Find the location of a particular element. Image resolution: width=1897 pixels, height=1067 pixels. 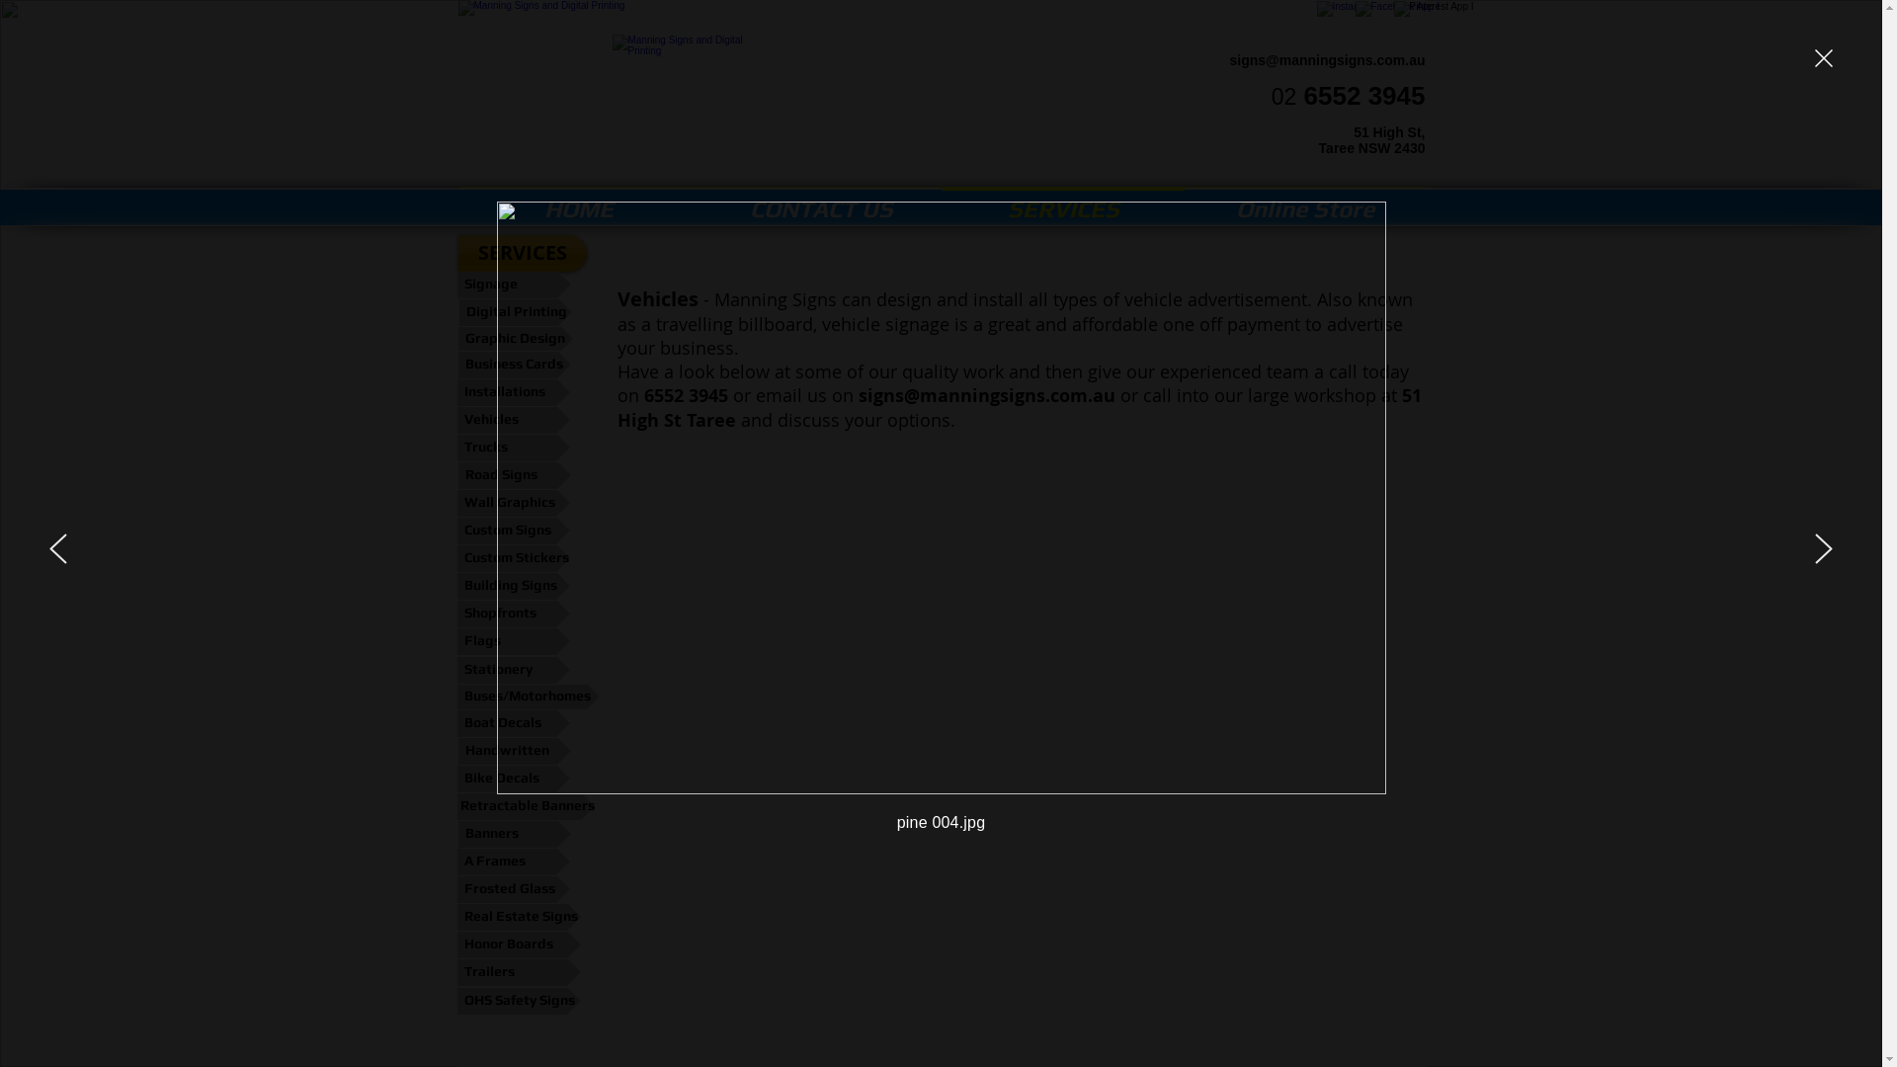

'SERVICES' is located at coordinates (522, 252).